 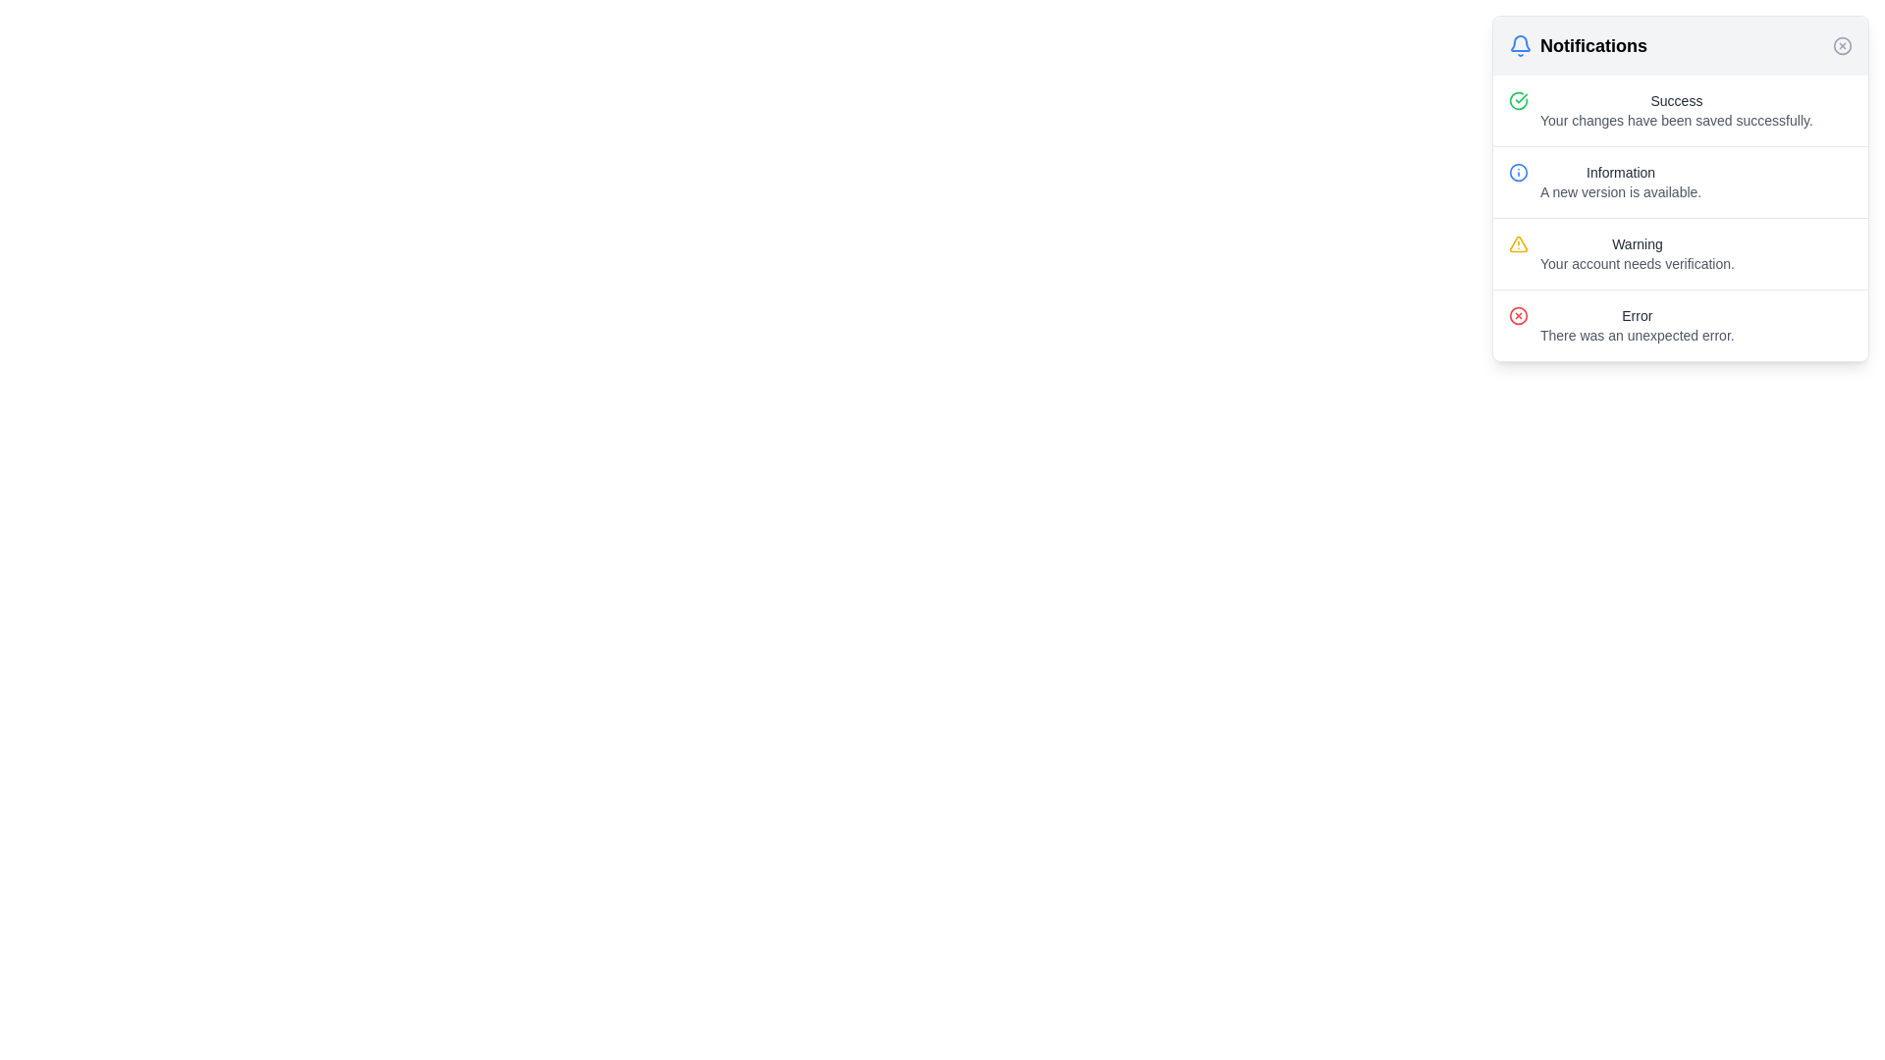 I want to click on error notification message located at the bottom-most section of the notification list in the top-right panel, which is distinguished by a red error icon, so click(x=1637, y=324).